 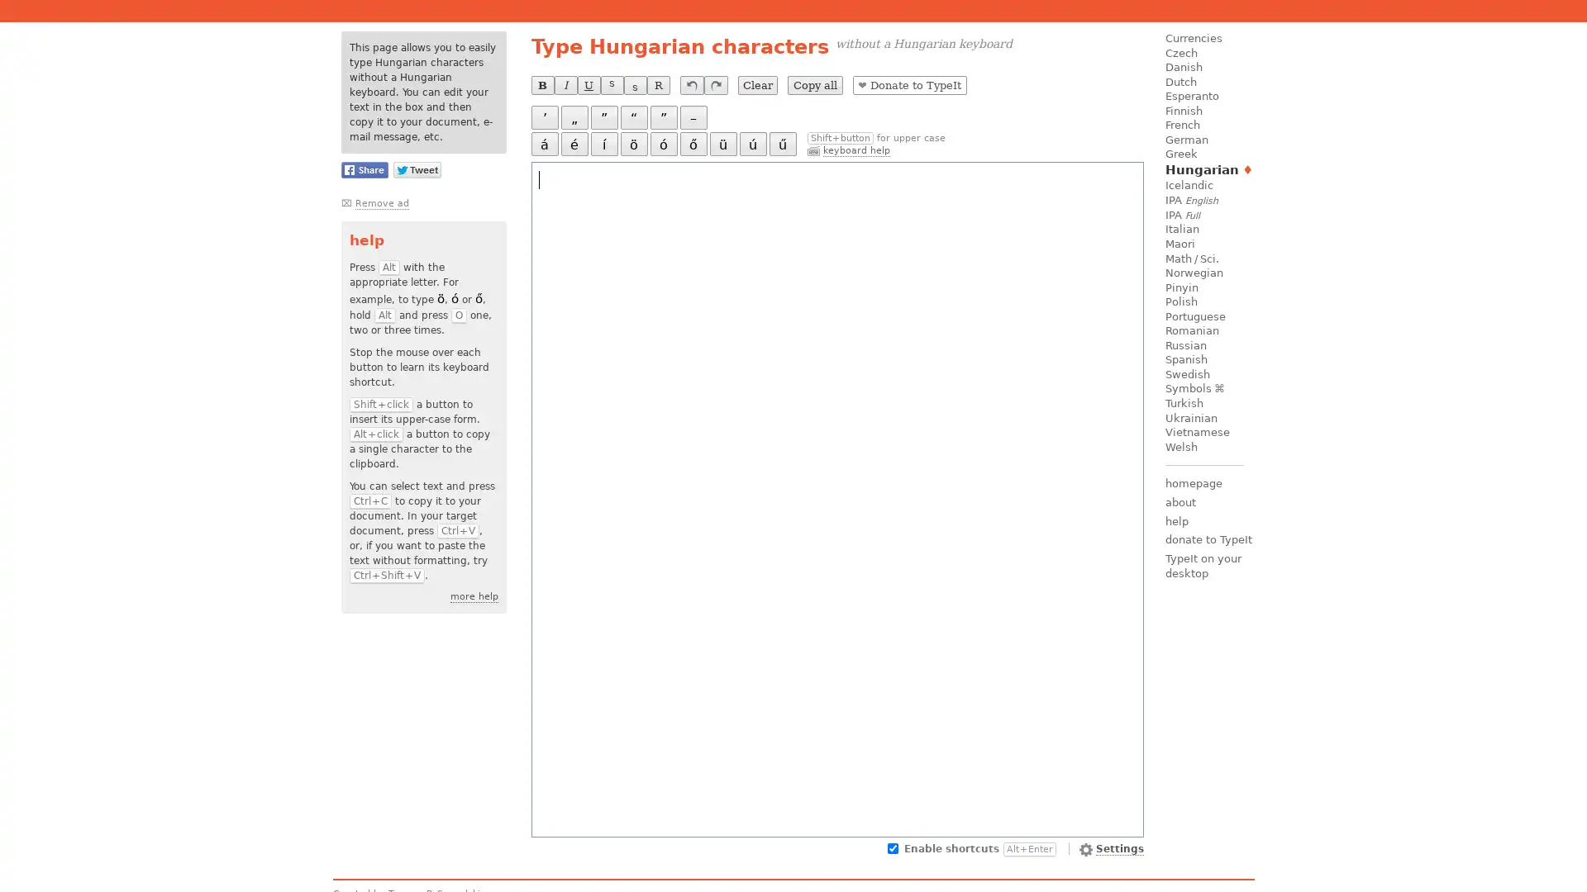 I want to click on a, so click(x=544, y=143).